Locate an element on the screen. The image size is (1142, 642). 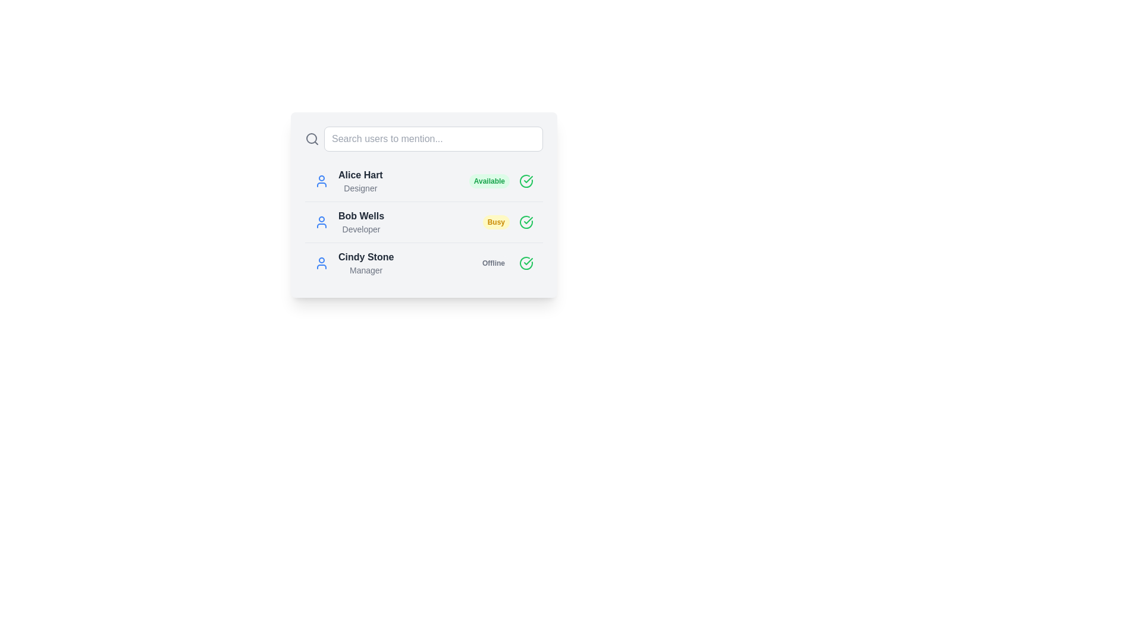
text label displaying 'Cindy Stone' in bold, located in the third row of the user list, with 'Manager' below it, aligned with an offline status on the right is located at coordinates (365, 263).